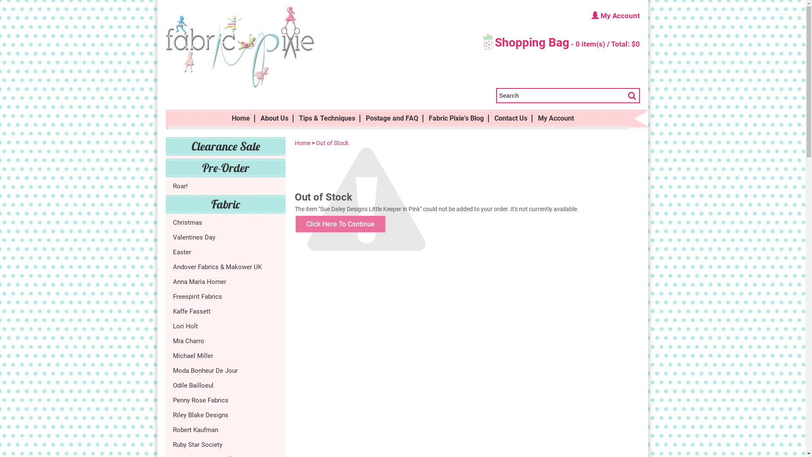 The width and height of the screenshot is (812, 457). I want to click on 'Postage and FAQ', so click(391, 118).